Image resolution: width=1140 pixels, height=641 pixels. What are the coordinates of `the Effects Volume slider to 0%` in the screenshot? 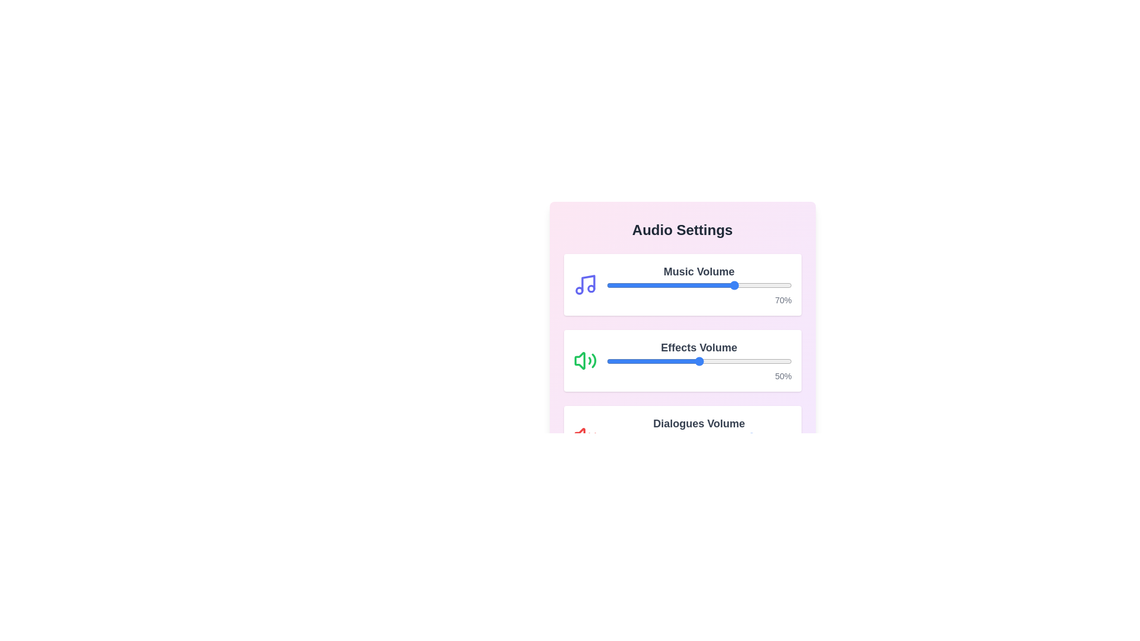 It's located at (606, 361).